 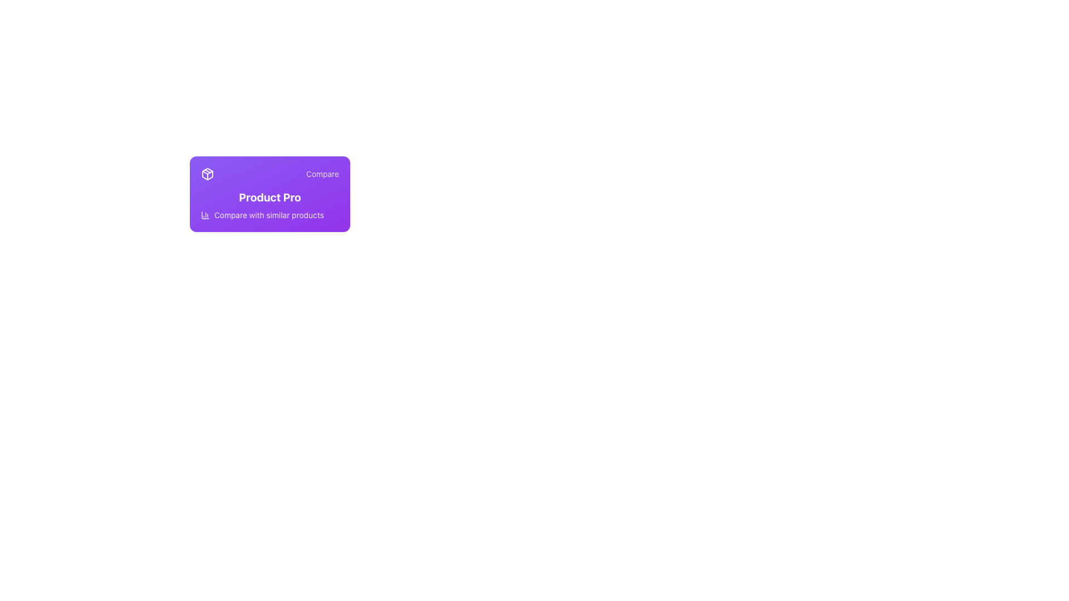 I want to click on the largest vertical line of the bar chart icon located in the top-left corner of the purple card titled 'Product Pro.', so click(x=205, y=215).